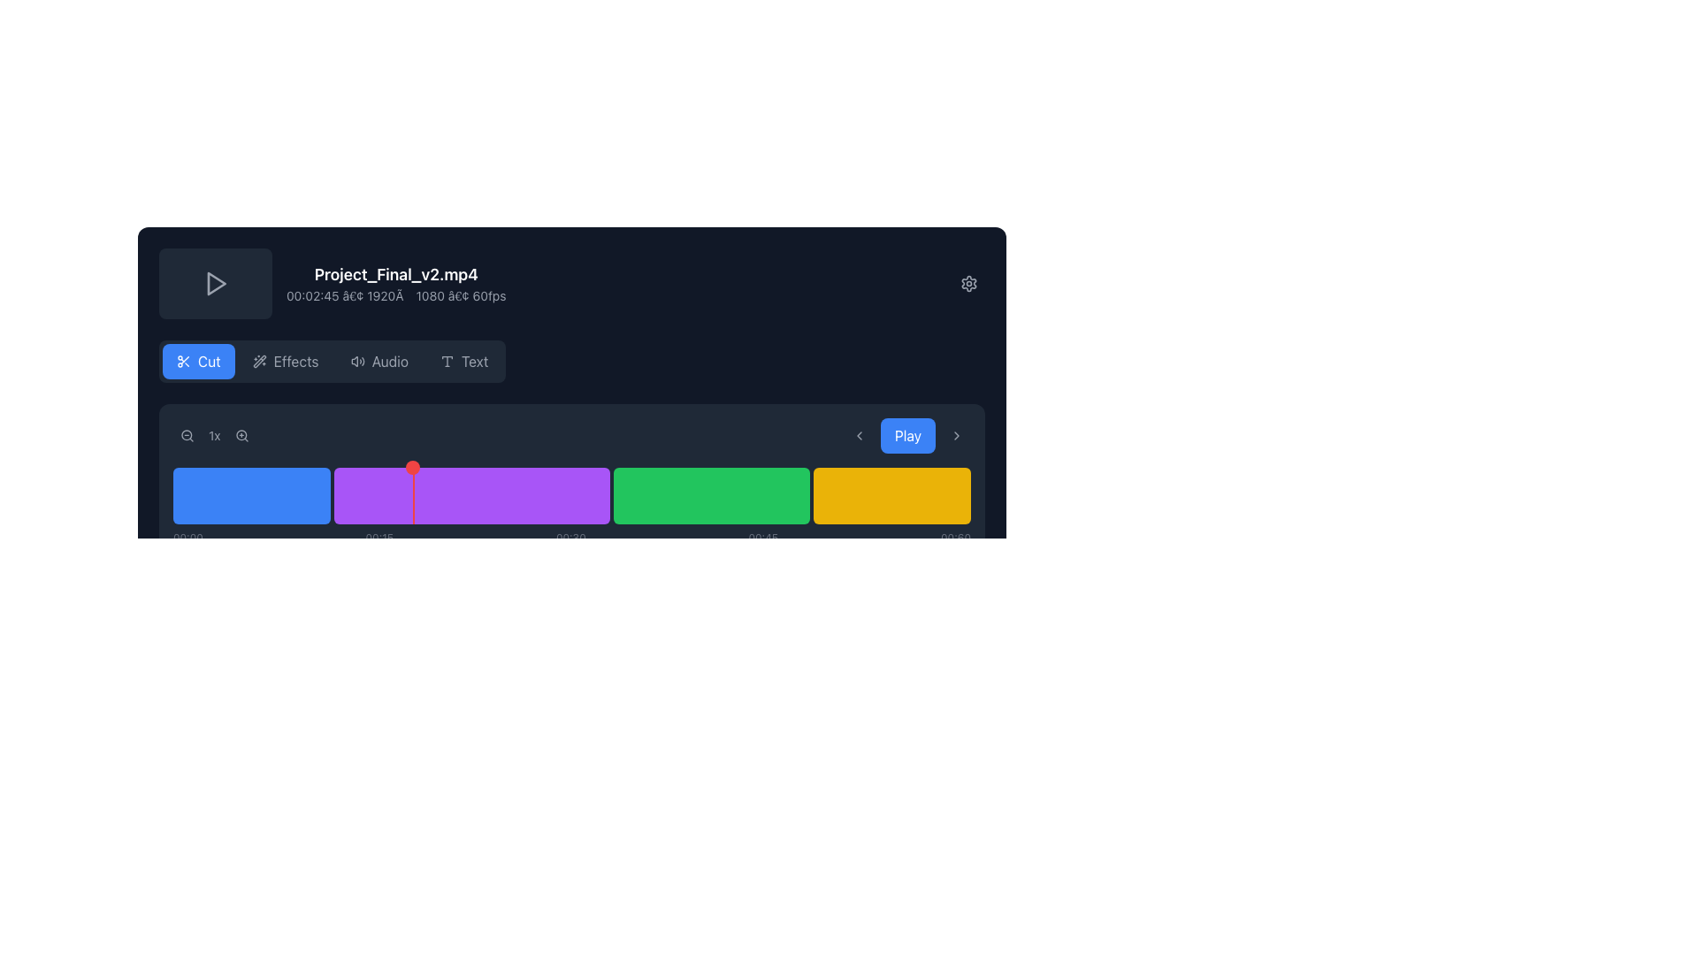 The width and height of the screenshot is (1698, 955). Describe the element at coordinates (258, 360) in the screenshot. I see `the wand-like icon with sparkles in the top-right section of the interface` at that location.